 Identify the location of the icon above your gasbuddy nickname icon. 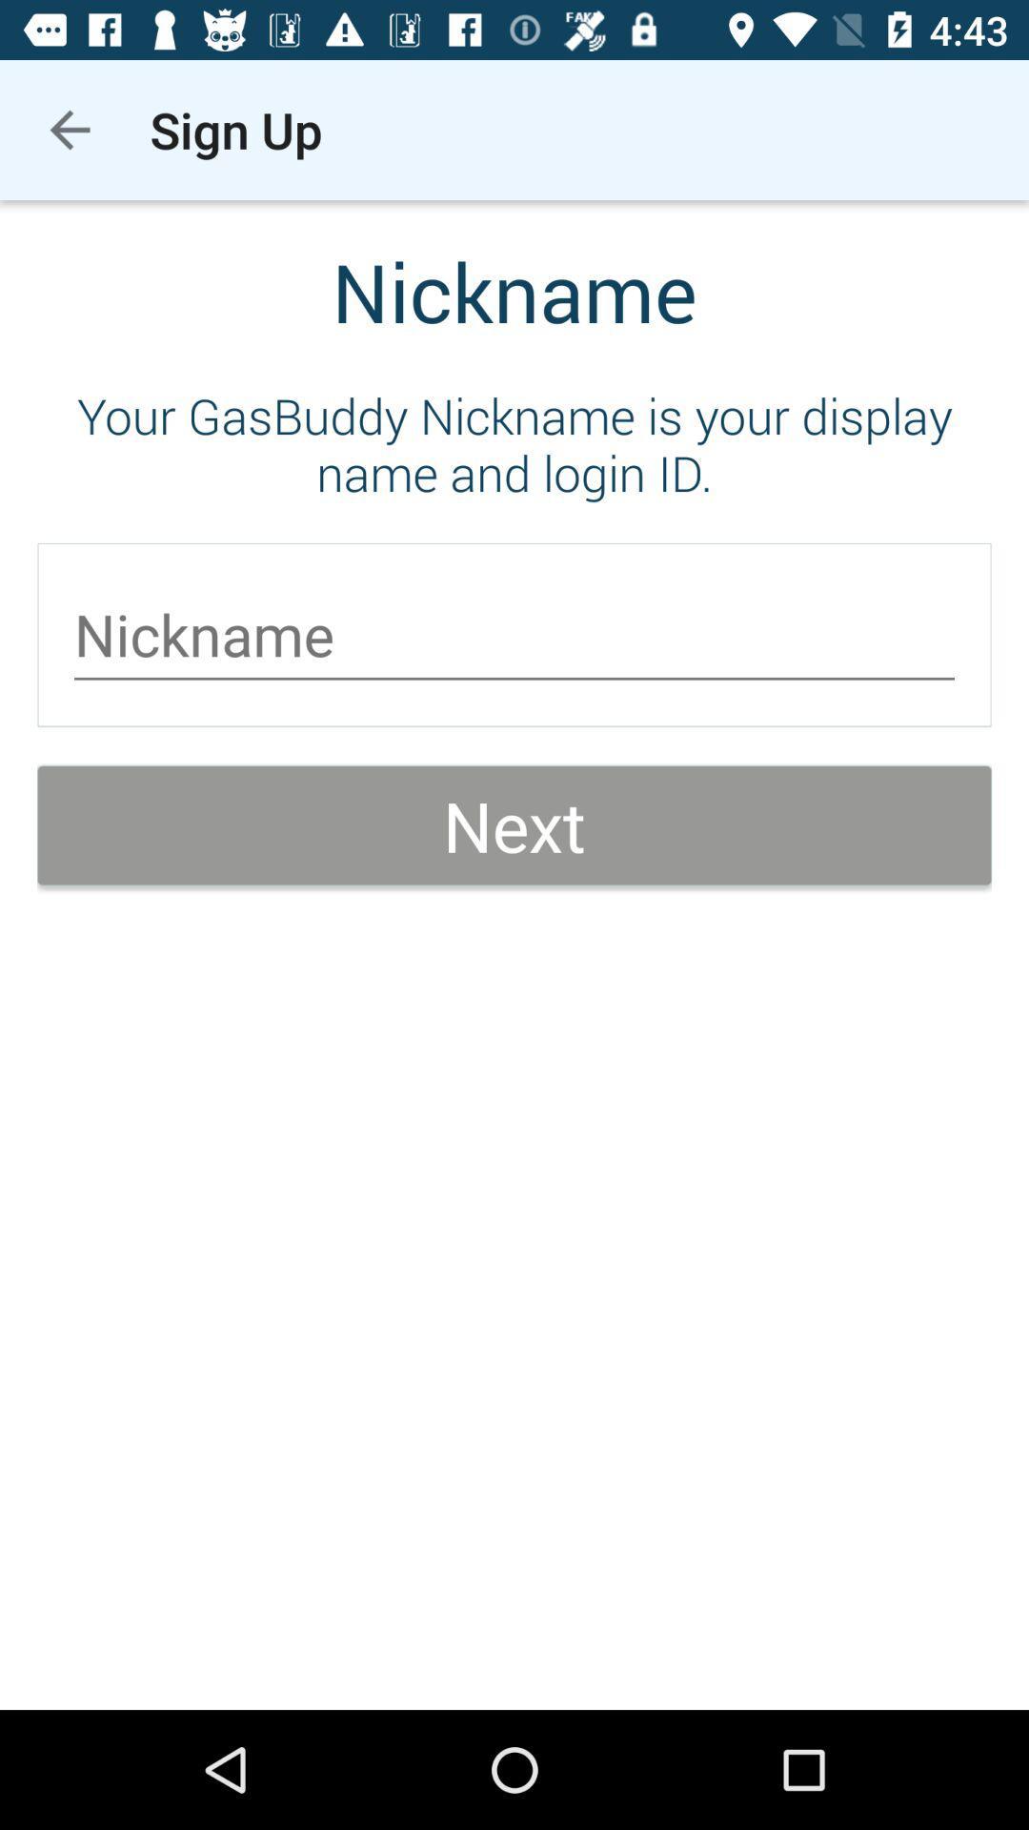
(69, 129).